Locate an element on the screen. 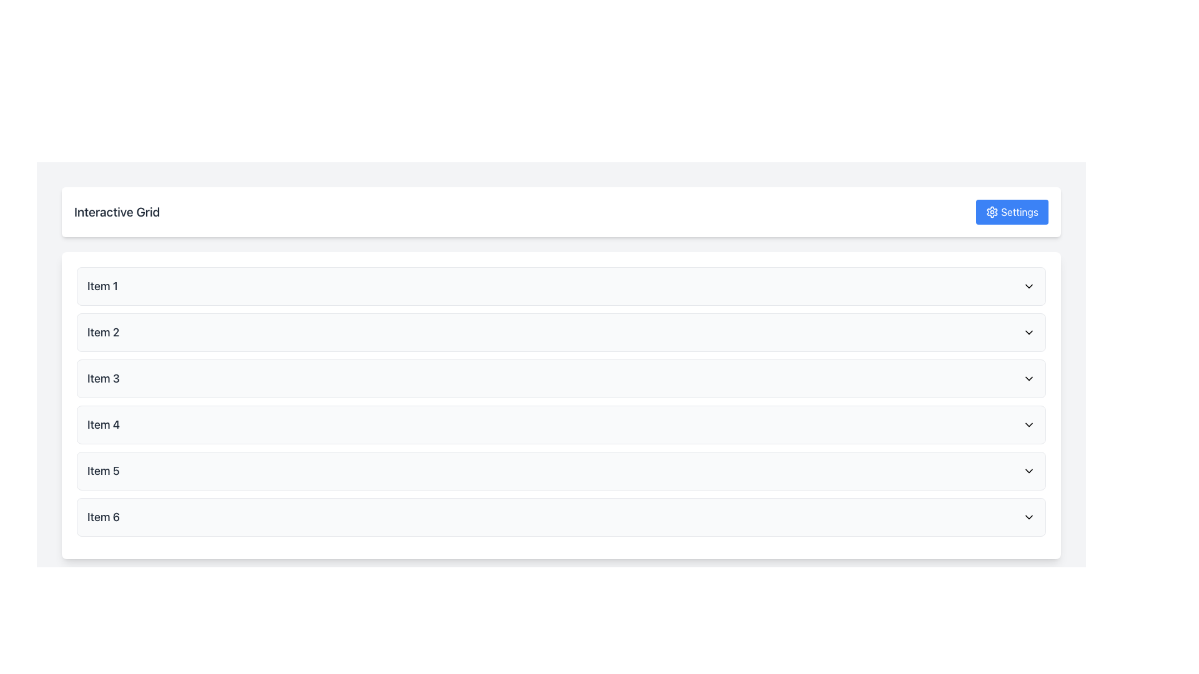 Image resolution: width=1199 pixels, height=674 pixels. the toggle button (chevron) located at the far-right side of the 'Item 4' row is located at coordinates (1029, 424).